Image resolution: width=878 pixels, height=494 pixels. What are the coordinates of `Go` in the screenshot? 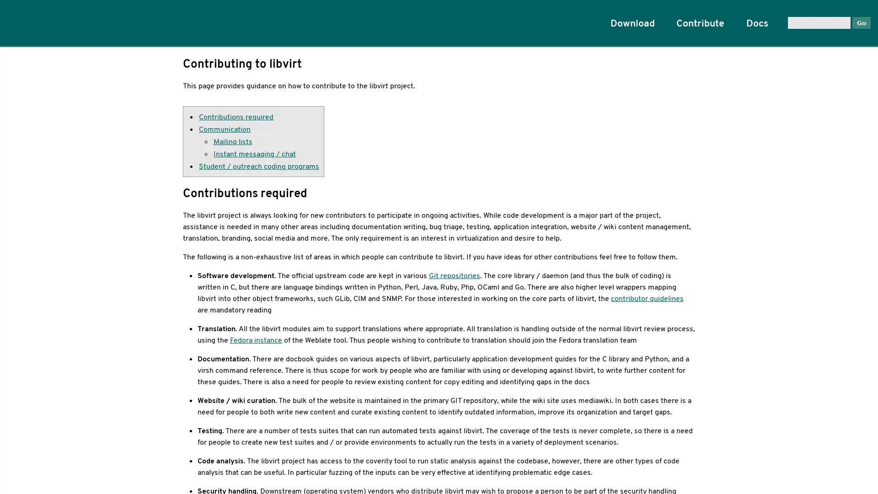 It's located at (861, 22).